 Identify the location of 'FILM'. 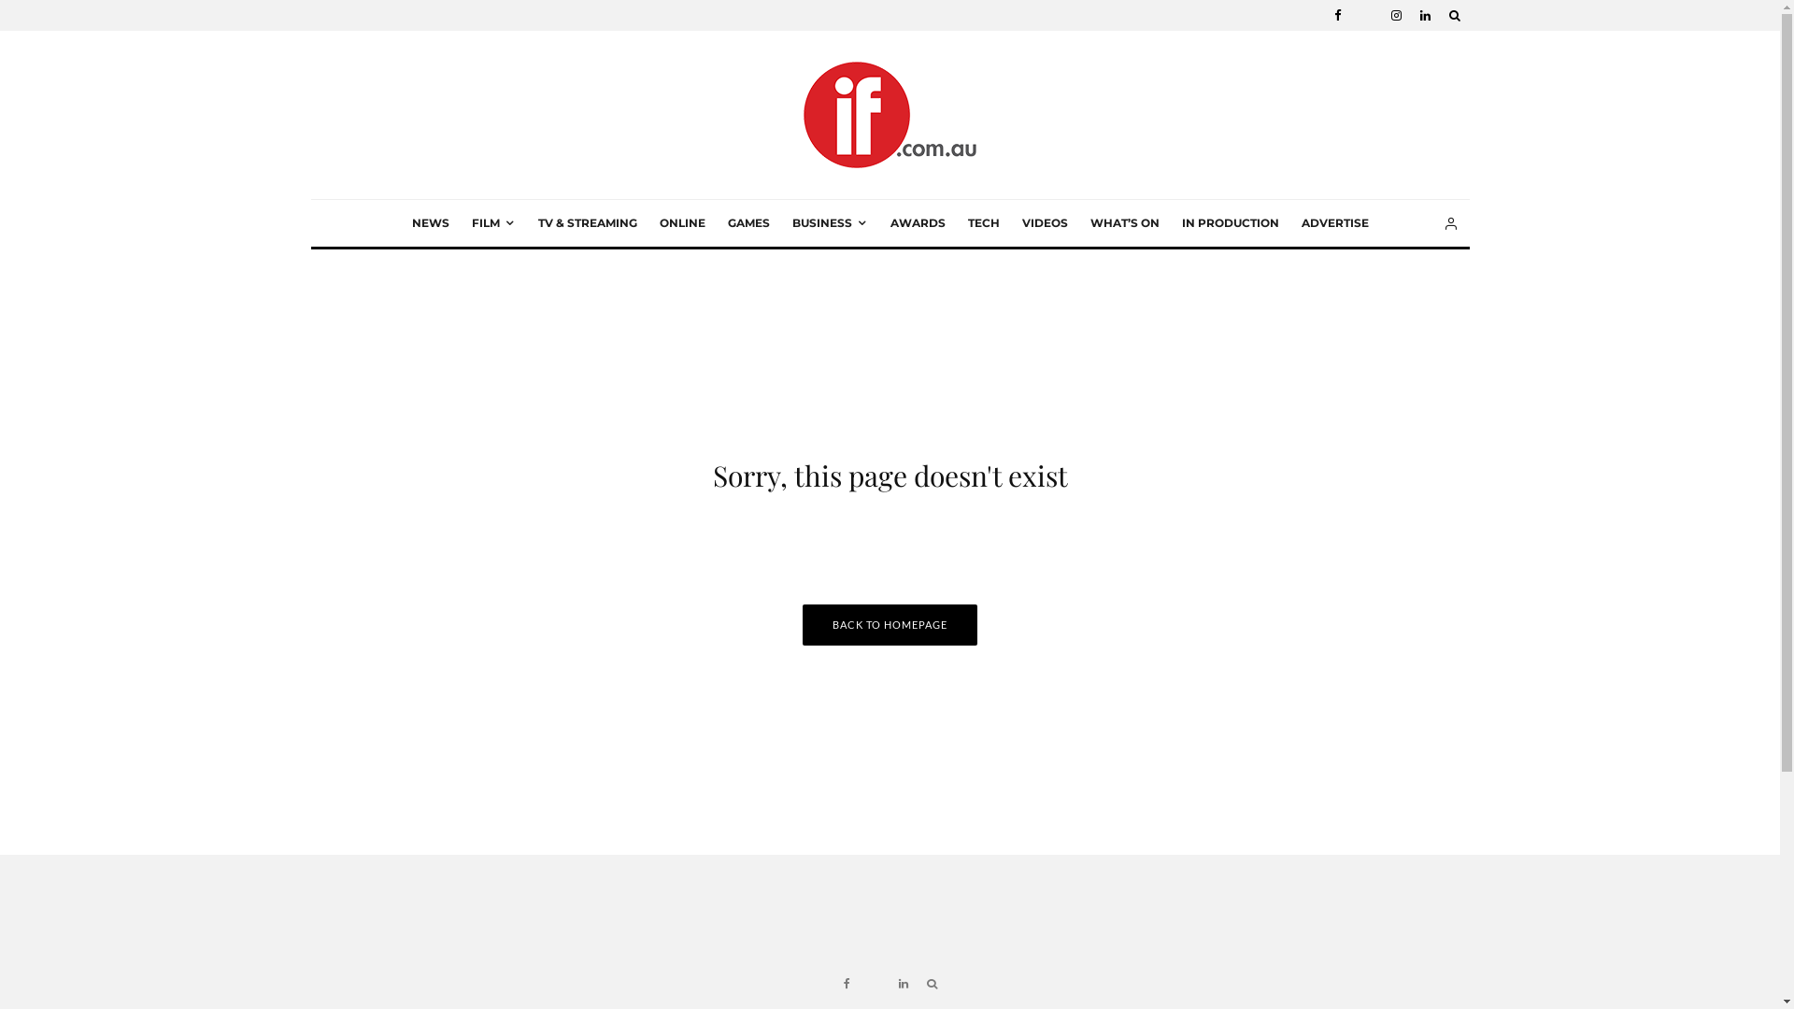
(492, 222).